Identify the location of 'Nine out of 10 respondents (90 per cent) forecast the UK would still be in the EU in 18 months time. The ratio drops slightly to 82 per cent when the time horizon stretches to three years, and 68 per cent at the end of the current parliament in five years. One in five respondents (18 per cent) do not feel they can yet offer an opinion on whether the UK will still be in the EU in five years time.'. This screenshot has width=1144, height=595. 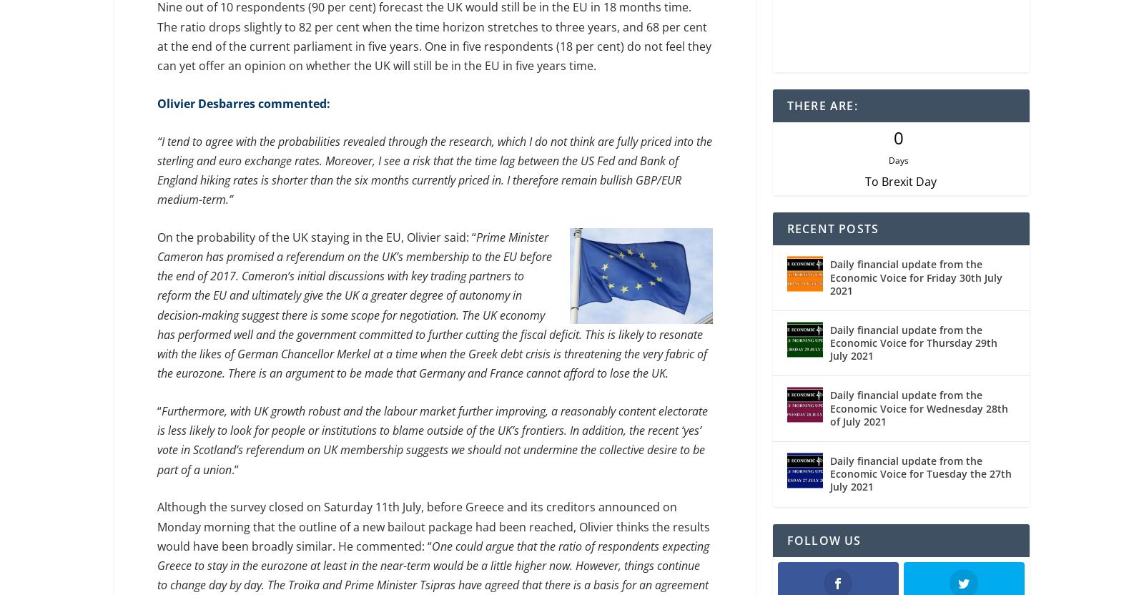
(434, 37).